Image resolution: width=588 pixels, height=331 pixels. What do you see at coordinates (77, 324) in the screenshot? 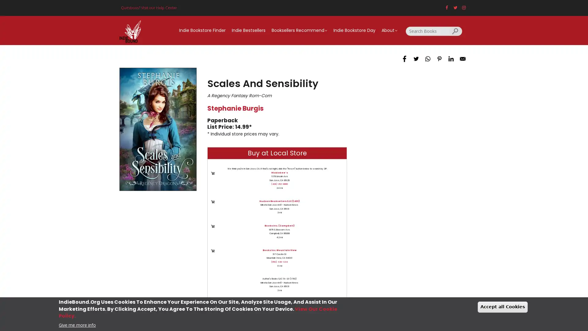
I see `Give me more info` at bounding box center [77, 324].